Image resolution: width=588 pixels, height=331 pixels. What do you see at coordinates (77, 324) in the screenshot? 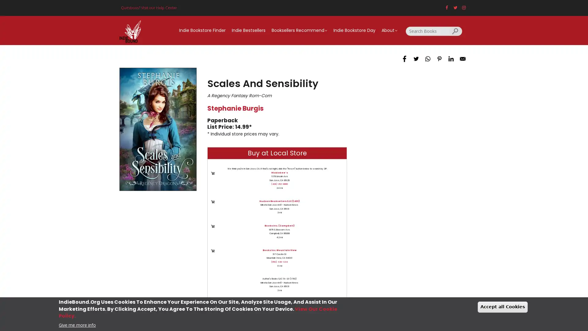
I see `Give me more info` at bounding box center [77, 324].